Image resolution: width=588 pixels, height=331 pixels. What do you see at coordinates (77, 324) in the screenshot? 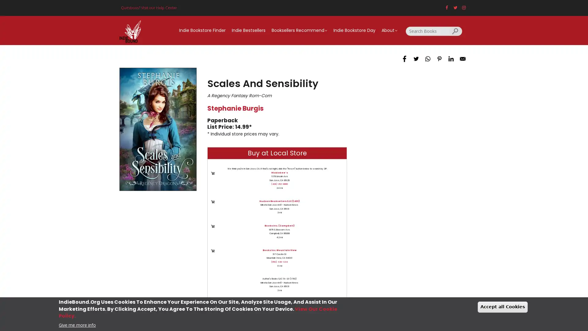
I see `Give me more info` at bounding box center [77, 324].